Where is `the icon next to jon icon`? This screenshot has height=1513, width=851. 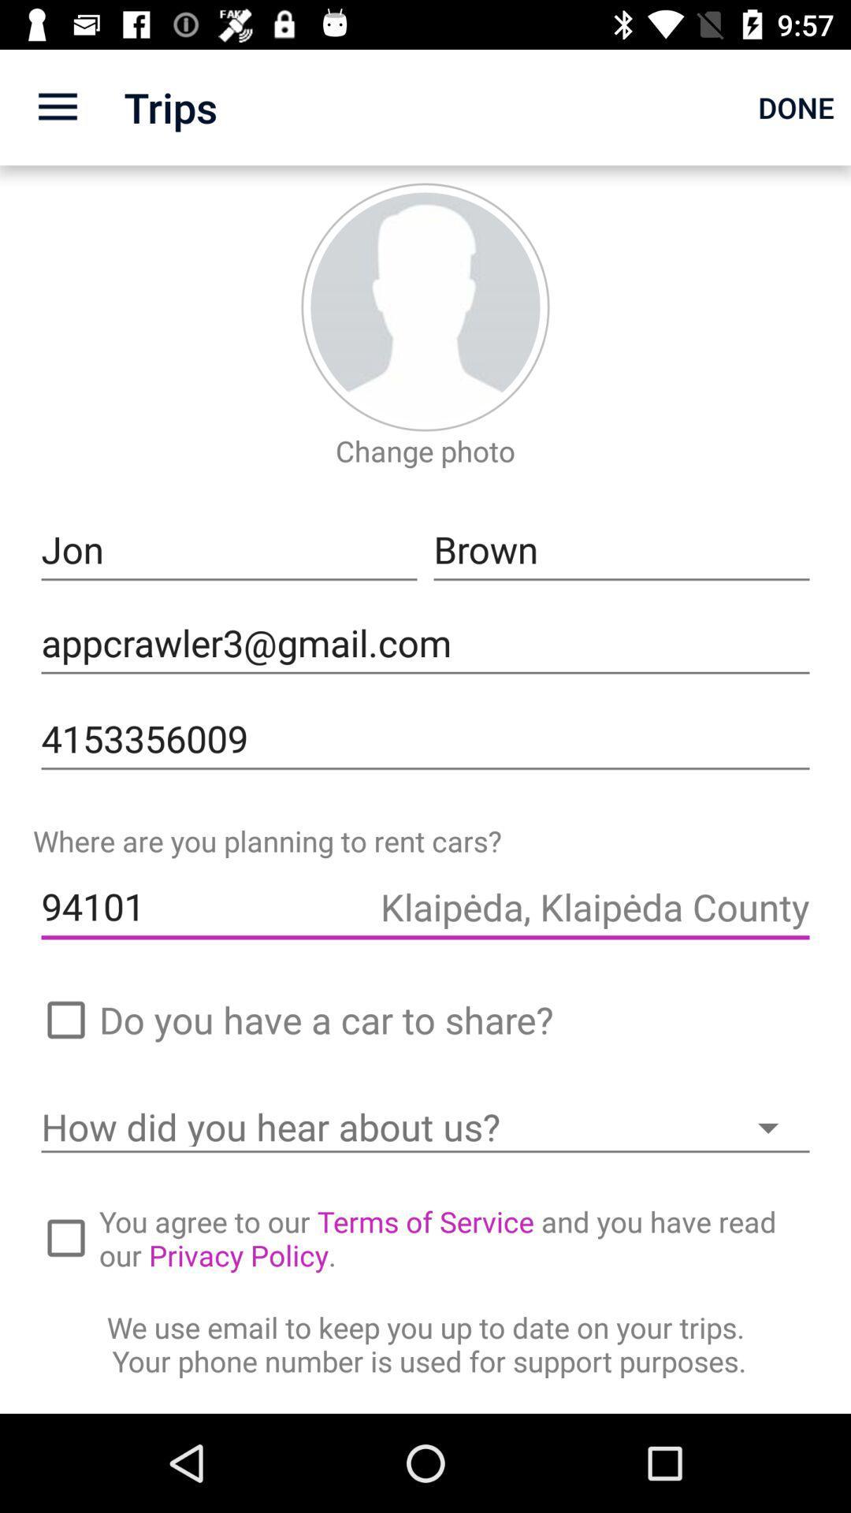 the icon next to jon icon is located at coordinates (621, 550).